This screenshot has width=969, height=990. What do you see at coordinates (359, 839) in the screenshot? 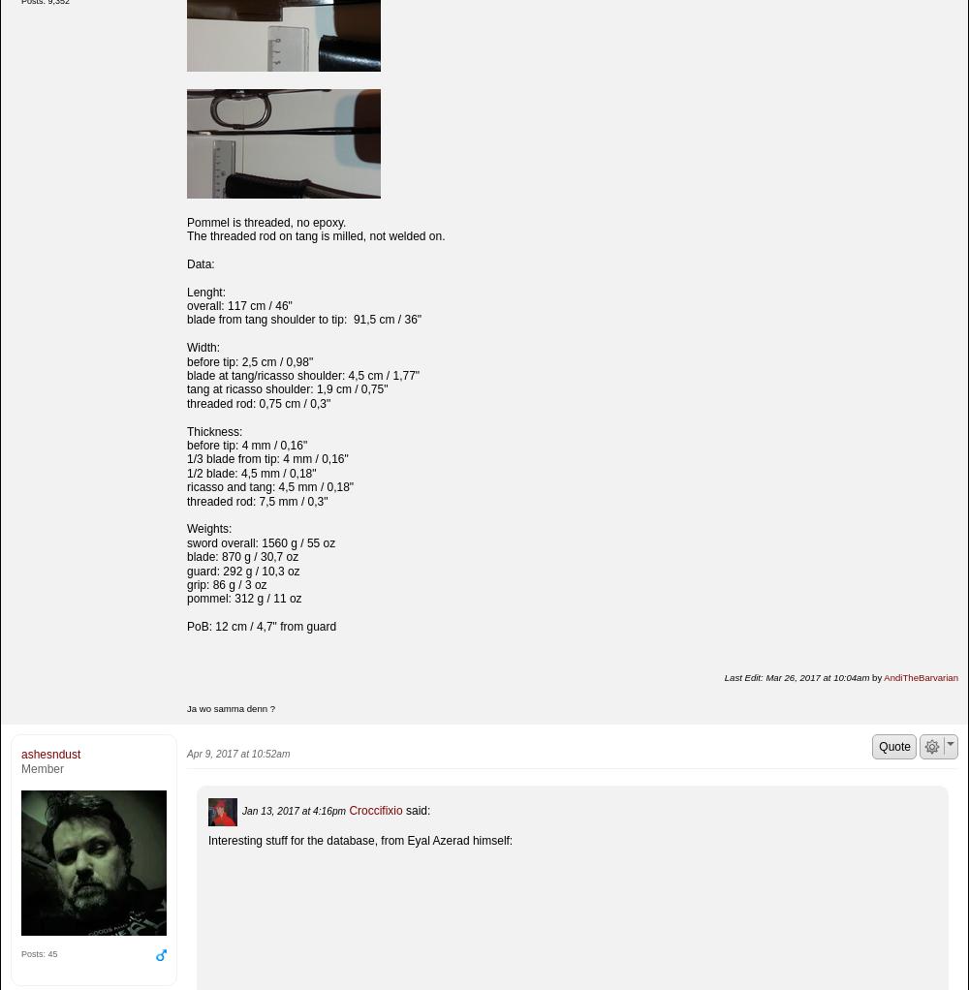
I see `'Interesting stuff for the database, from Eyal Azerad himself:'` at bounding box center [359, 839].